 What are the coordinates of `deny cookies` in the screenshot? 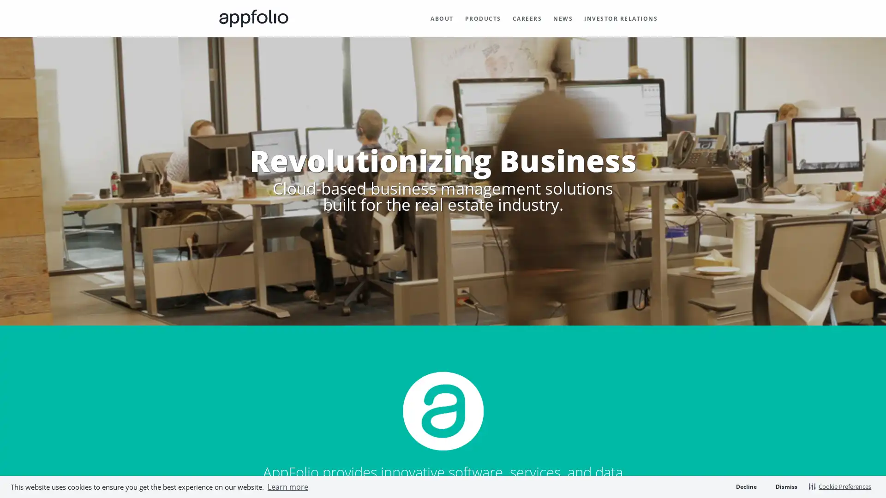 It's located at (746, 486).